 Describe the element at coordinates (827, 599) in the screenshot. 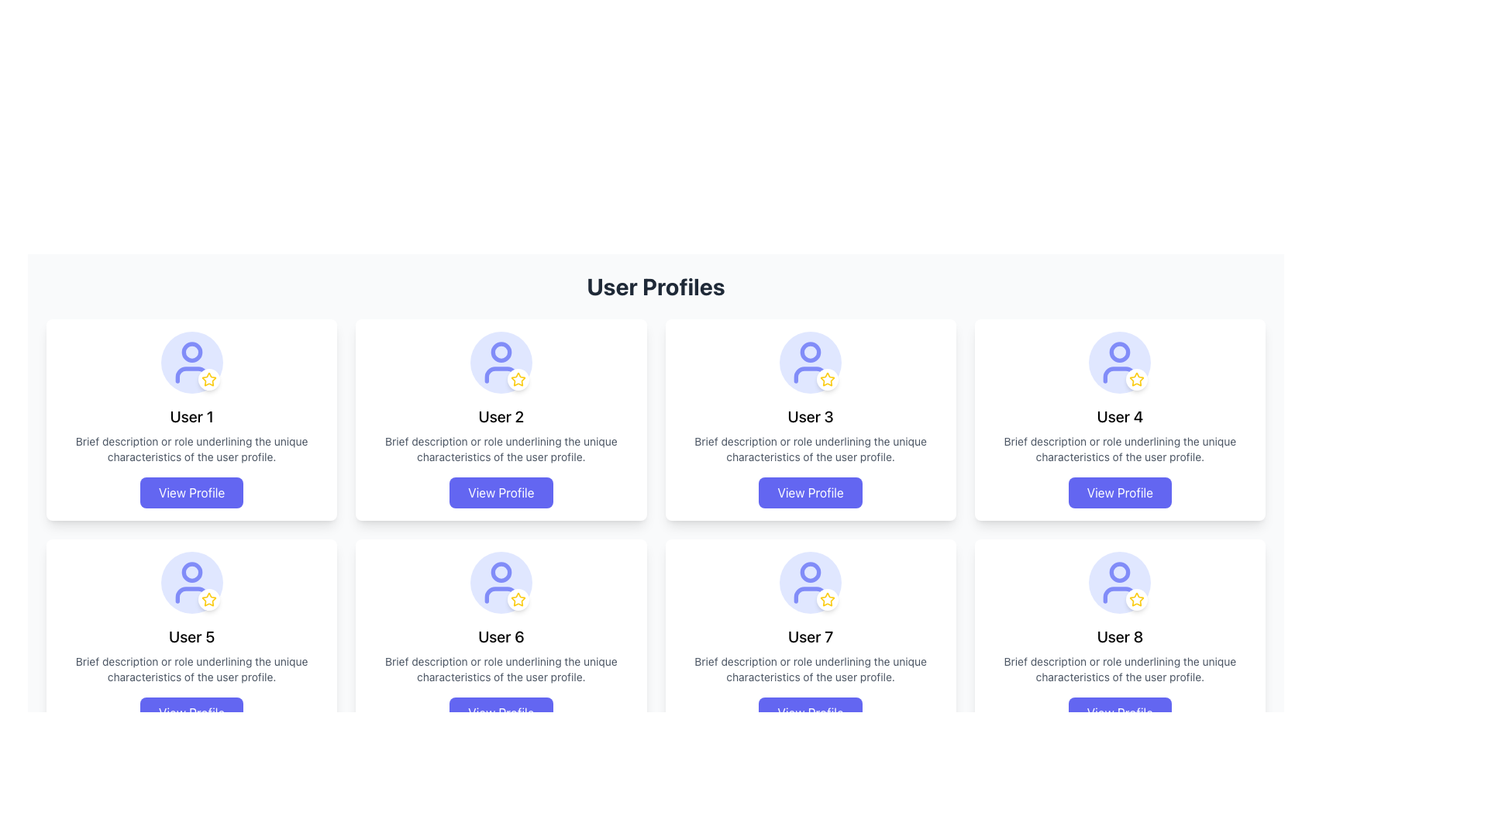

I see `the star-shaped icon with a yellow border and white interior located in the bottom-right corner of the seventh user card in the layout` at that location.